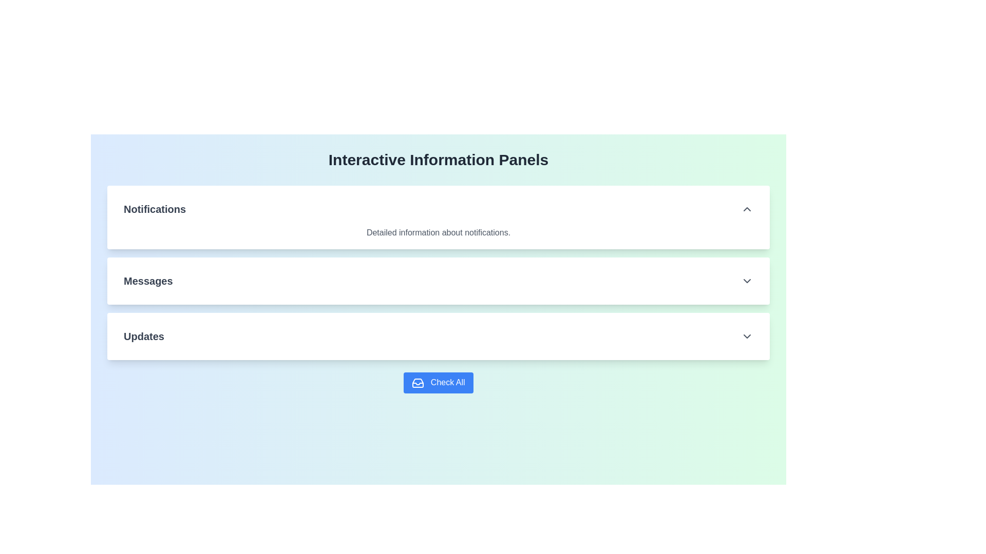  What do you see at coordinates (147, 281) in the screenshot?
I see `text of the 'Messages' label, which is a bold, dark gray heading positioned in the second panel of a stack, below 'Notifications' and above 'Updates'` at bounding box center [147, 281].